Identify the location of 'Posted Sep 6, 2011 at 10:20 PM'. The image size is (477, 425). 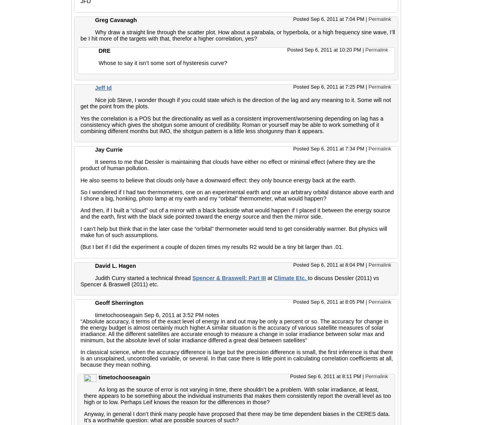
(324, 49).